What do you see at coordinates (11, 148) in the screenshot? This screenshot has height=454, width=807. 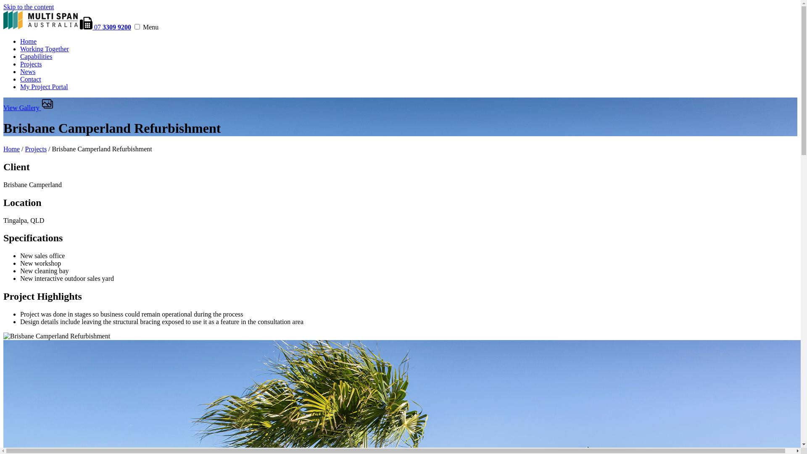 I see `'Home'` at bounding box center [11, 148].